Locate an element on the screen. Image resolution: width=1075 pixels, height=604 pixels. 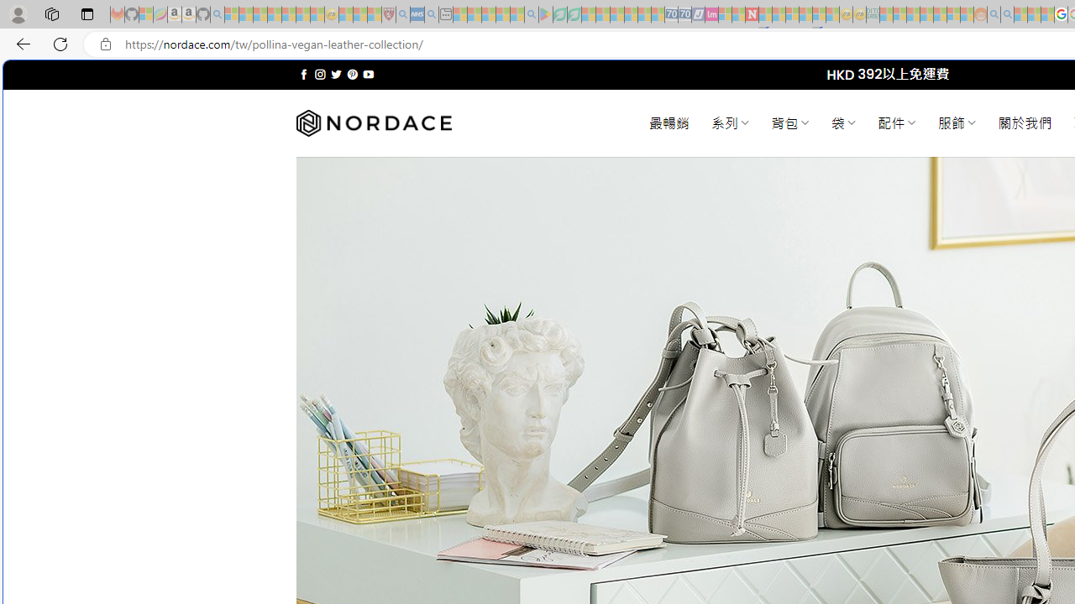
'Recipes - MSN - Sleeping' is located at coordinates (345, 14).